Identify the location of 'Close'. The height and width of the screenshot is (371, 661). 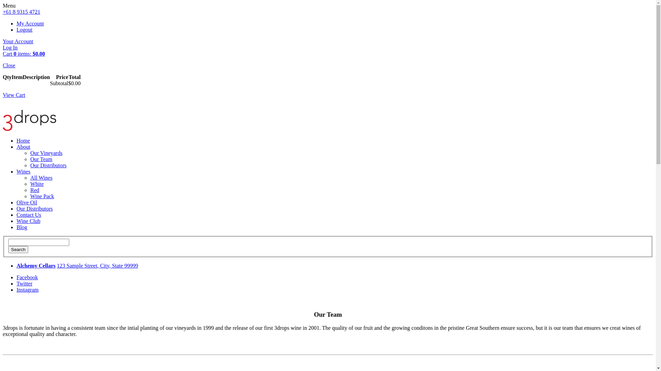
(9, 65).